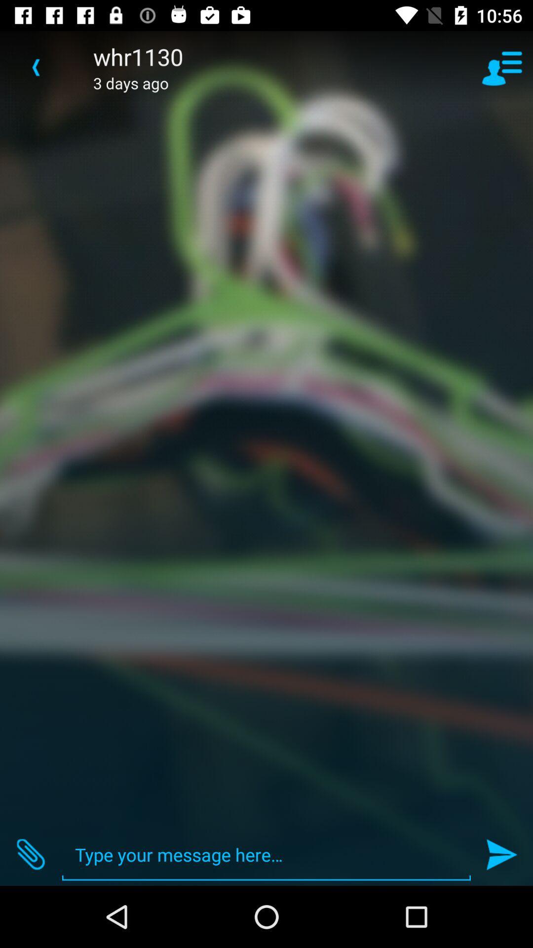 Image resolution: width=533 pixels, height=948 pixels. What do you see at coordinates (502, 854) in the screenshot?
I see `the item at the bottom right corner` at bounding box center [502, 854].